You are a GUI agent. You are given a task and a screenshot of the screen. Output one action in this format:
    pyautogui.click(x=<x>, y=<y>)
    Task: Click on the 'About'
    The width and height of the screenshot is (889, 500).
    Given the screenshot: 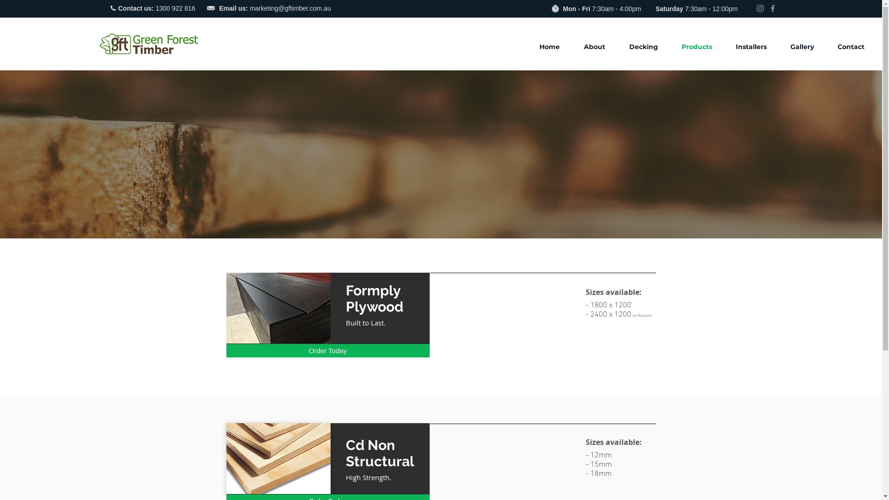 What is the action you would take?
    pyautogui.click(x=600, y=46)
    